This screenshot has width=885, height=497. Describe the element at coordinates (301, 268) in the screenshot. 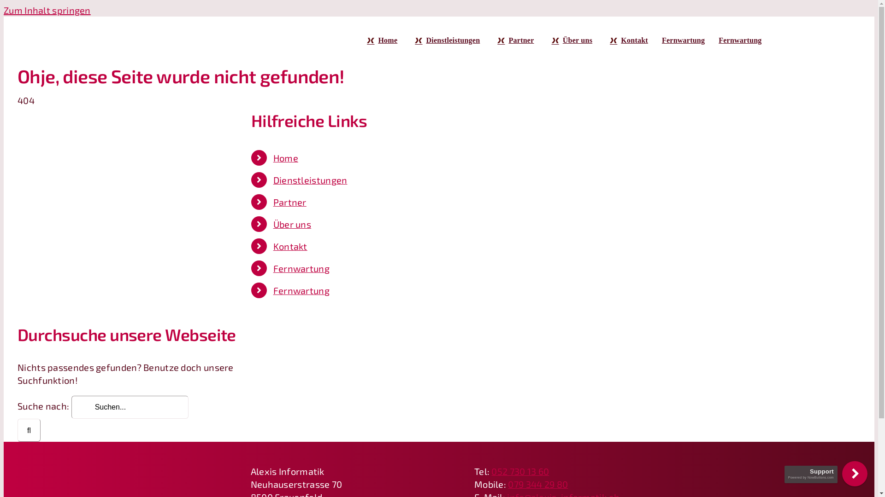

I see `'Fernwartung'` at that location.